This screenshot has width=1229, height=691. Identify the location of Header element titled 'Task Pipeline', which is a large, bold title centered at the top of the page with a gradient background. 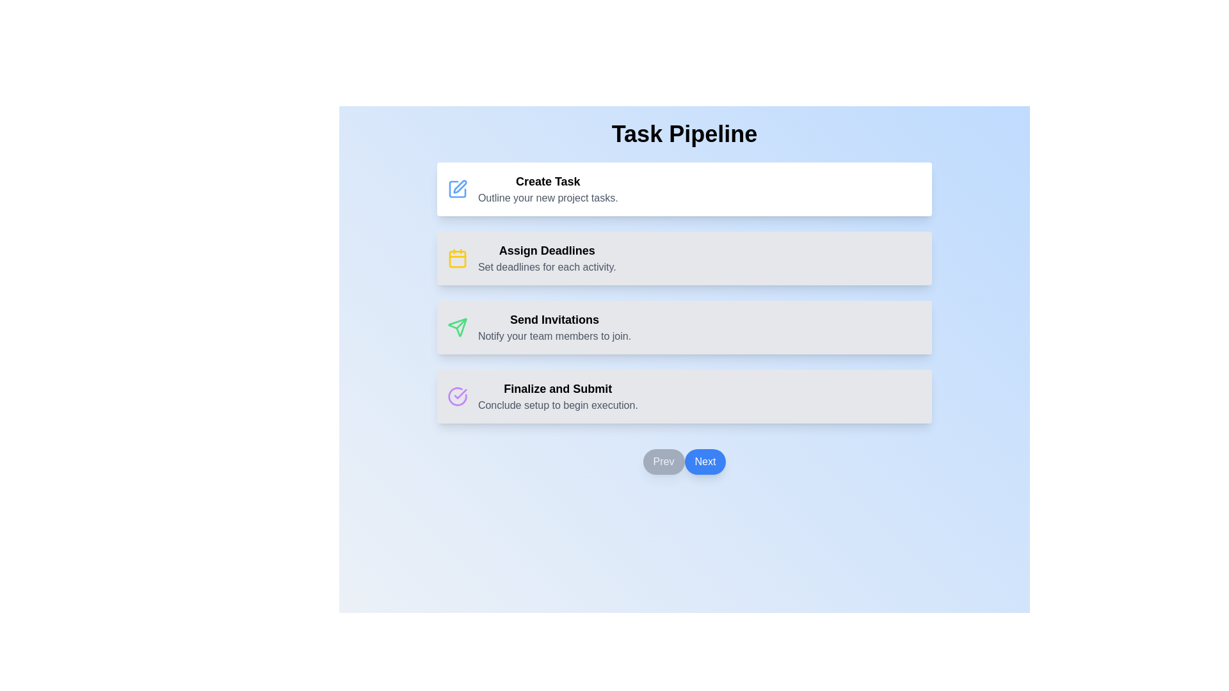
(684, 134).